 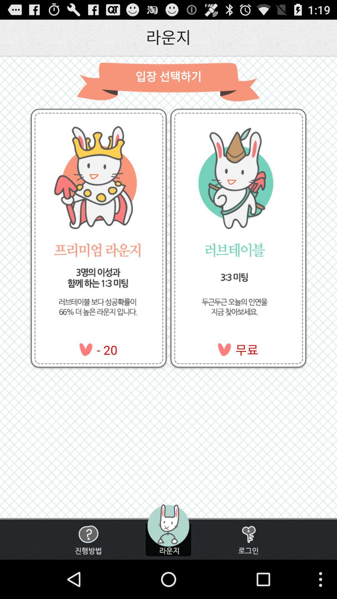 I want to click on menu icon, so click(x=168, y=530).